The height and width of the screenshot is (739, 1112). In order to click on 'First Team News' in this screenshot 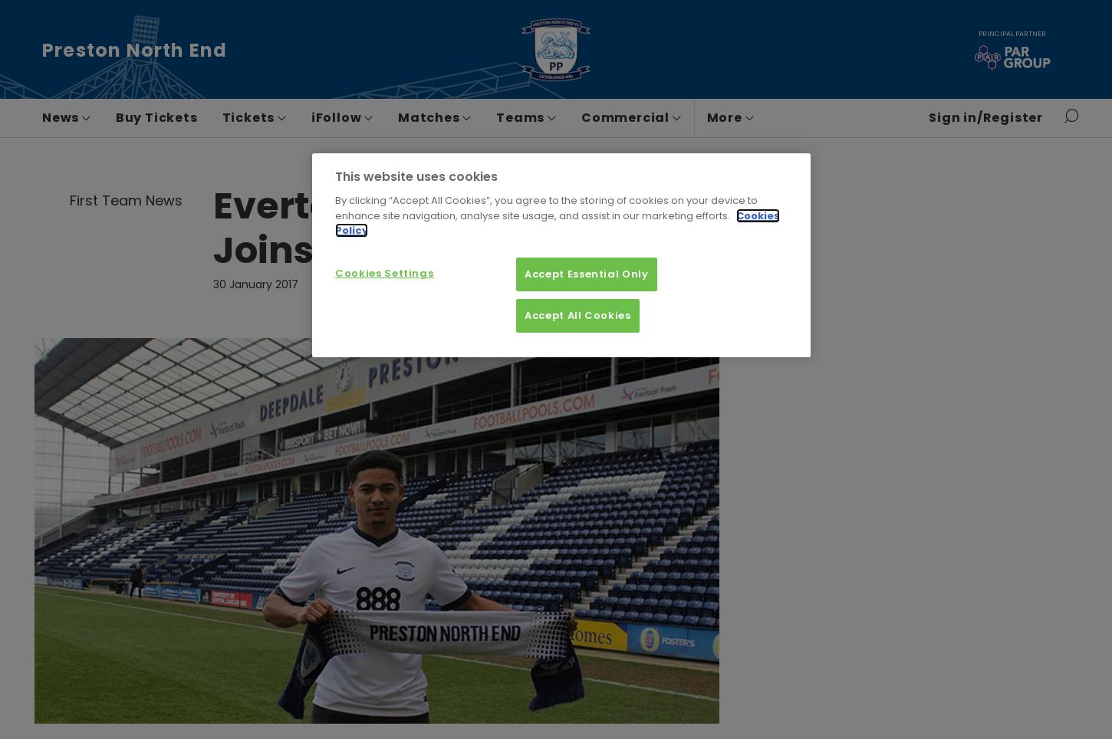, I will do `click(125, 199)`.